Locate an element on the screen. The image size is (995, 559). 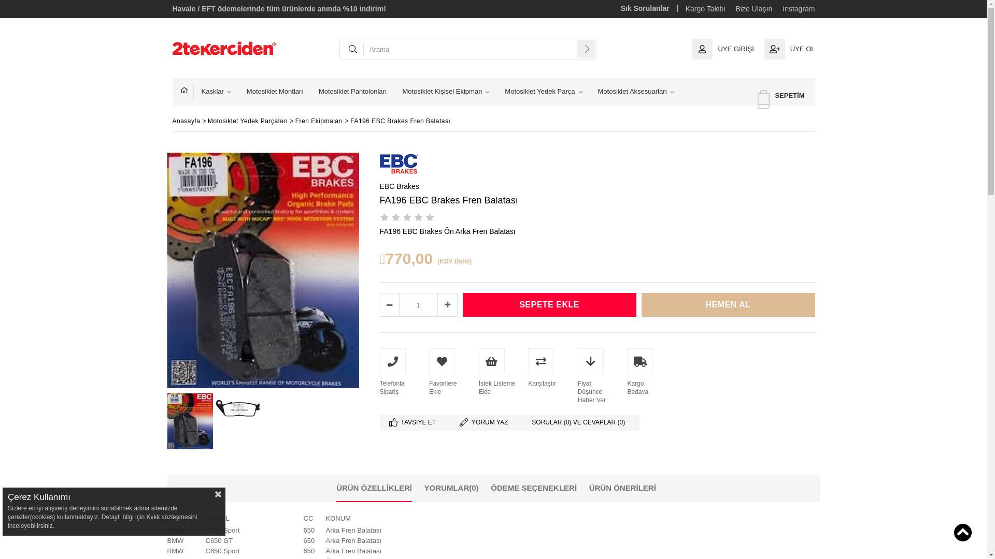
'Kargo Bedava' is located at coordinates (626, 371).